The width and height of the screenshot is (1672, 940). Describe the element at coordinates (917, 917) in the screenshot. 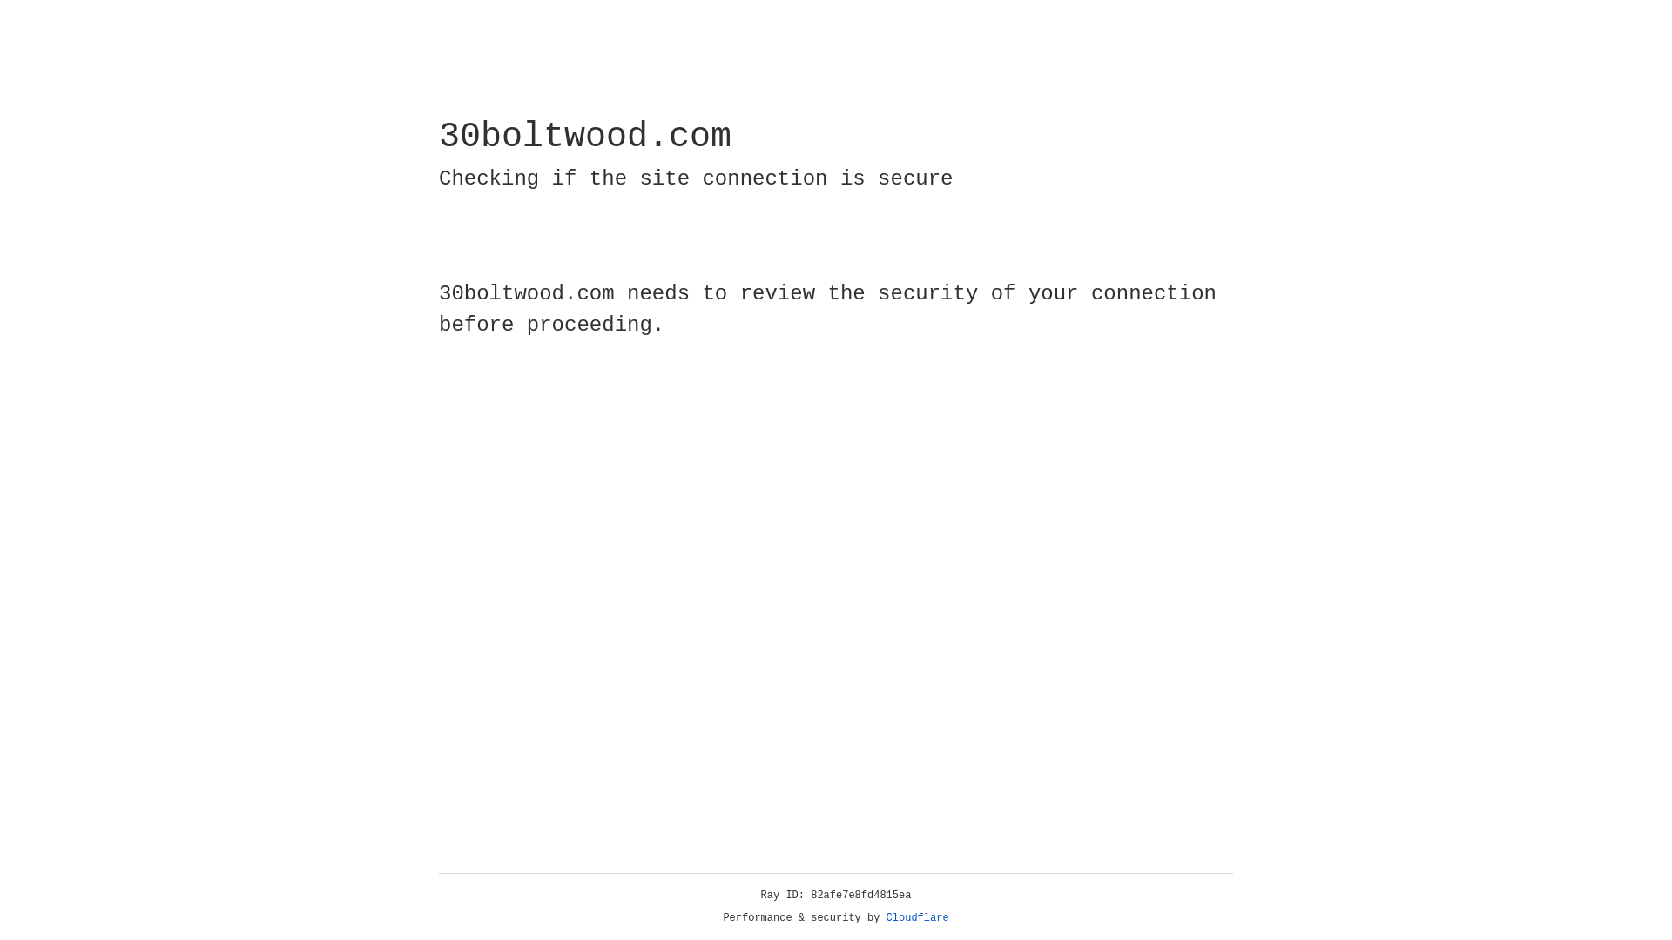

I see `'Cloudflare'` at that location.